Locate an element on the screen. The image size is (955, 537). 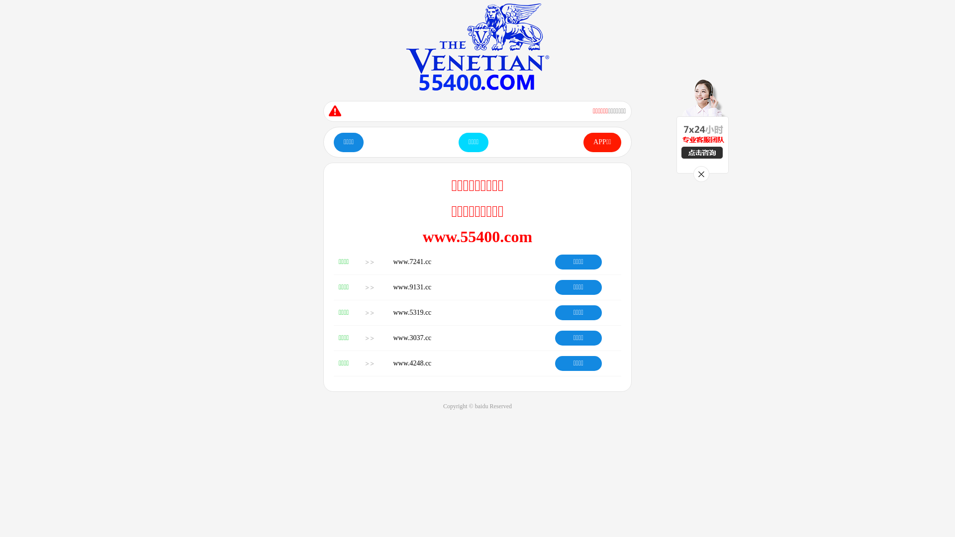
'www.5319.cc' is located at coordinates (412, 312).